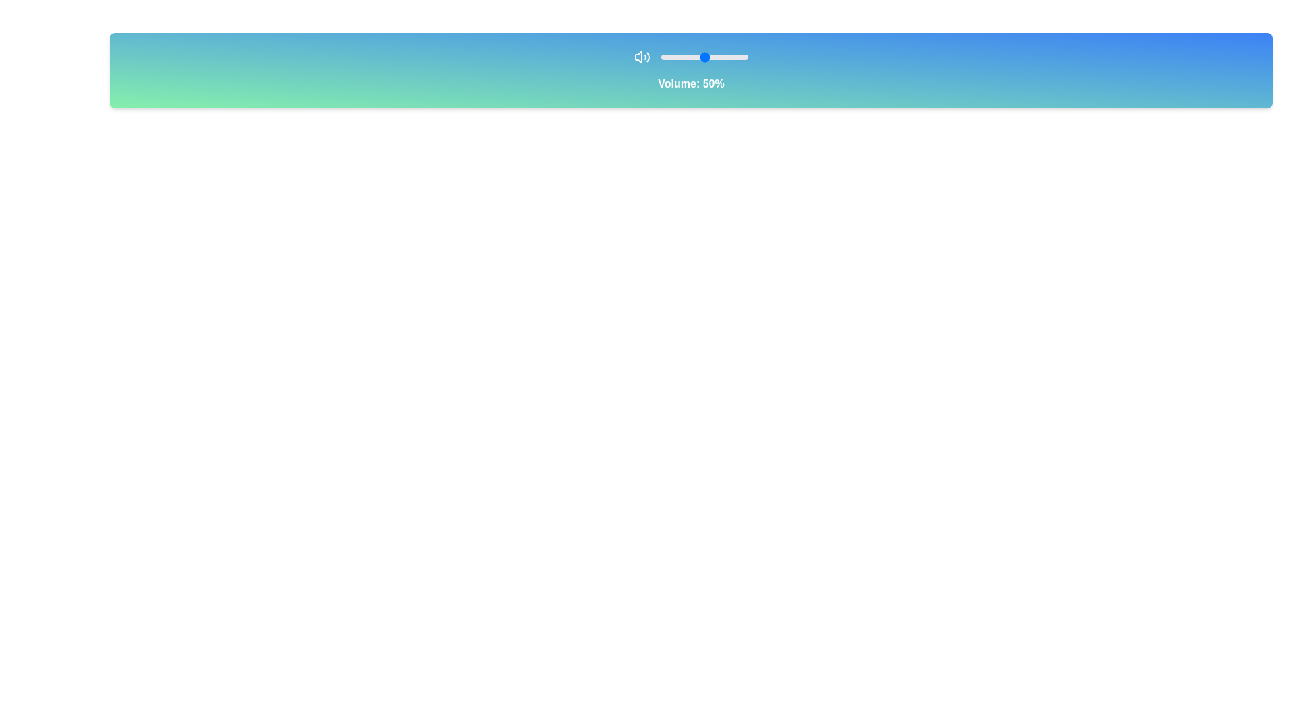 The image size is (1293, 727). What do you see at coordinates (642, 56) in the screenshot?
I see `the volume control icon located on the far left of the top bar` at bounding box center [642, 56].